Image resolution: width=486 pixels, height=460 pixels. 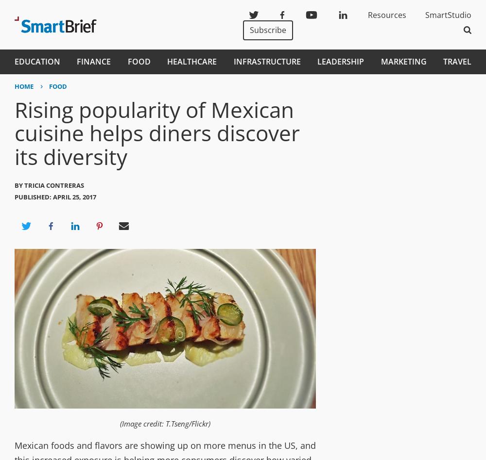 What do you see at coordinates (267, 61) in the screenshot?
I see `'Infrastructure'` at bounding box center [267, 61].